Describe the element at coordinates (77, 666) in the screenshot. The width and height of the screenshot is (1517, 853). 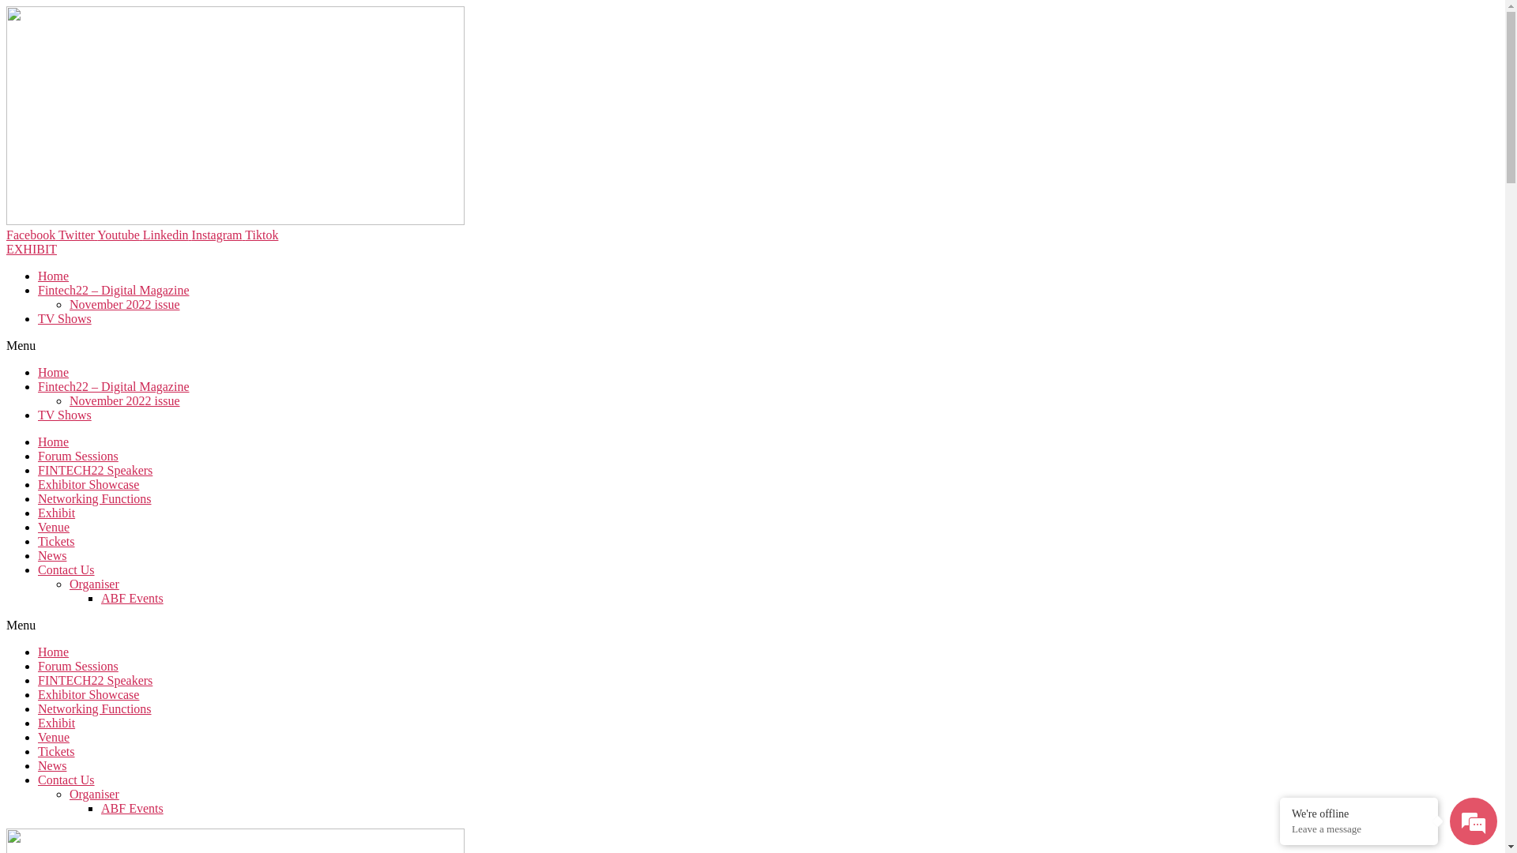
I see `'Forum Sessions'` at that location.